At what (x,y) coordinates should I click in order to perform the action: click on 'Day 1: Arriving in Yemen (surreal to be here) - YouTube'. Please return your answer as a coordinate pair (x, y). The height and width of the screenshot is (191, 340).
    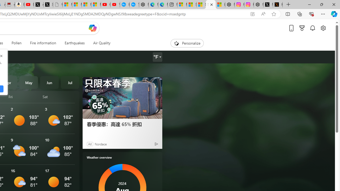
    Looking at the image, I should click on (29, 5).